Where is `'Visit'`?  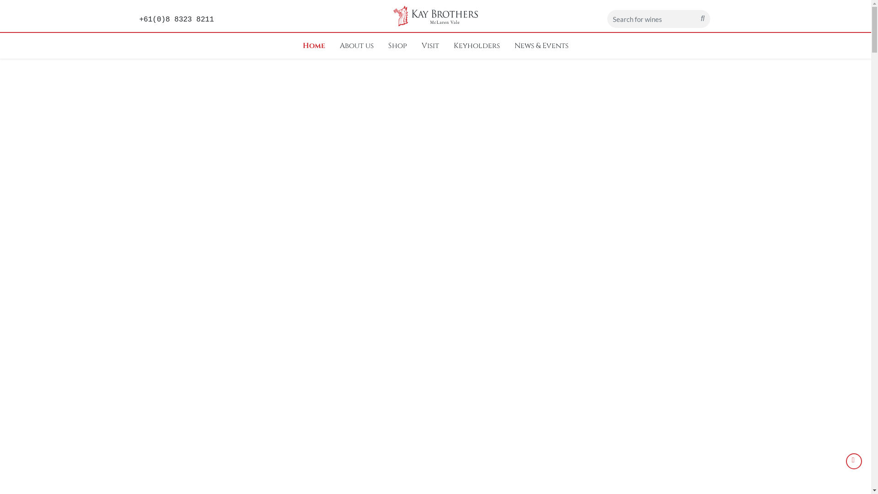
'Visit' is located at coordinates (417, 46).